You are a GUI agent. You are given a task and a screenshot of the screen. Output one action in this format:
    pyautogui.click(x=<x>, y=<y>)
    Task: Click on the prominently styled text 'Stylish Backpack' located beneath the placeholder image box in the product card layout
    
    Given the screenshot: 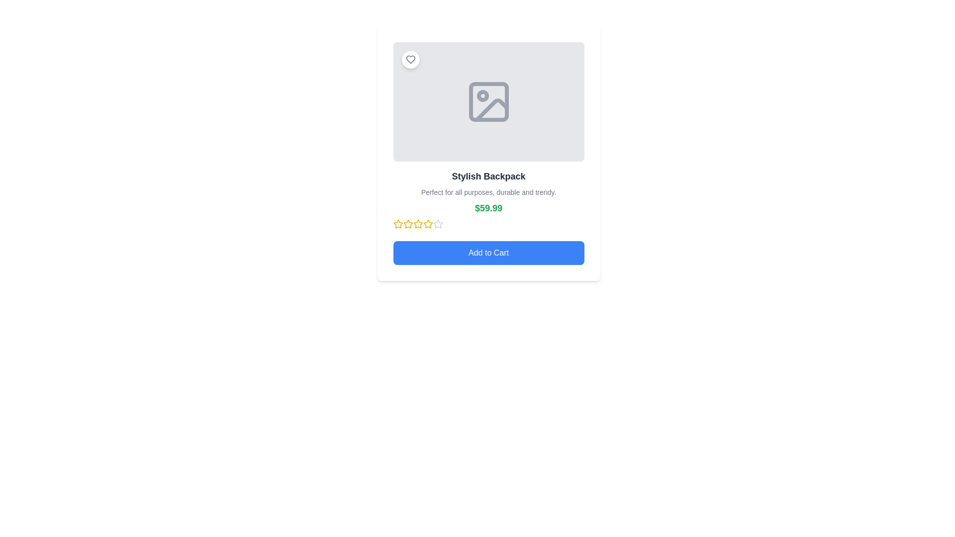 What is the action you would take?
    pyautogui.click(x=488, y=176)
    